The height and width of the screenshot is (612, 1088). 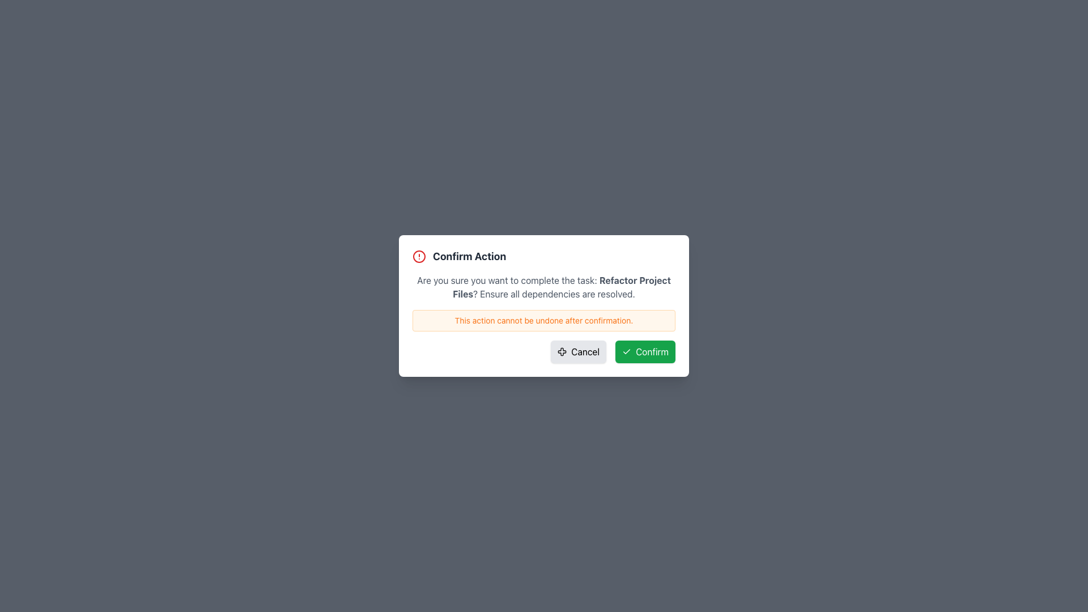 What do you see at coordinates (579, 351) in the screenshot?
I see `the 'Cancel' button located at the bottom-right of the modal dialog box` at bounding box center [579, 351].